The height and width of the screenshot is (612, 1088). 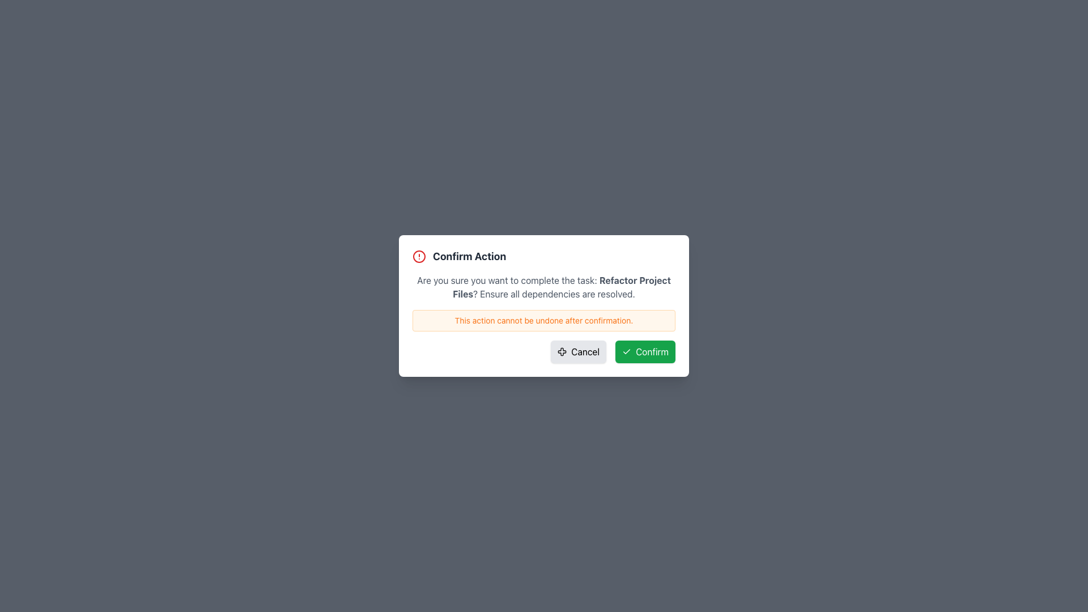 What do you see at coordinates (579, 351) in the screenshot?
I see `the 'Cancel' button located at the bottom-right of the modal dialog box` at bounding box center [579, 351].